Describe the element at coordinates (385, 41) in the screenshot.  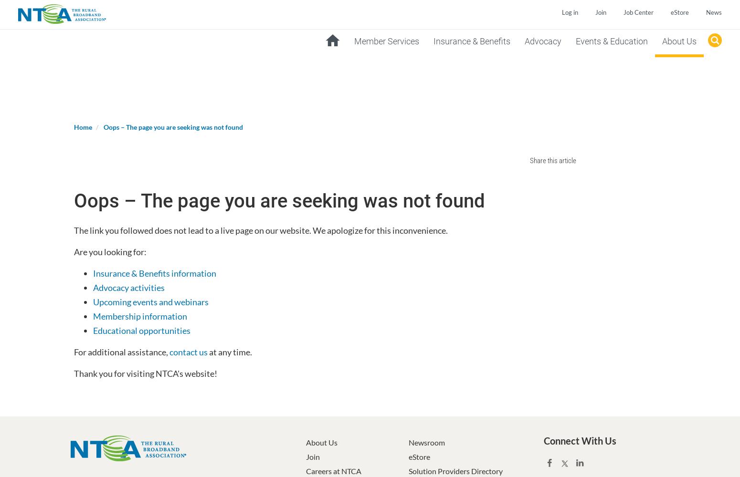
I see `'Member Services'` at that location.